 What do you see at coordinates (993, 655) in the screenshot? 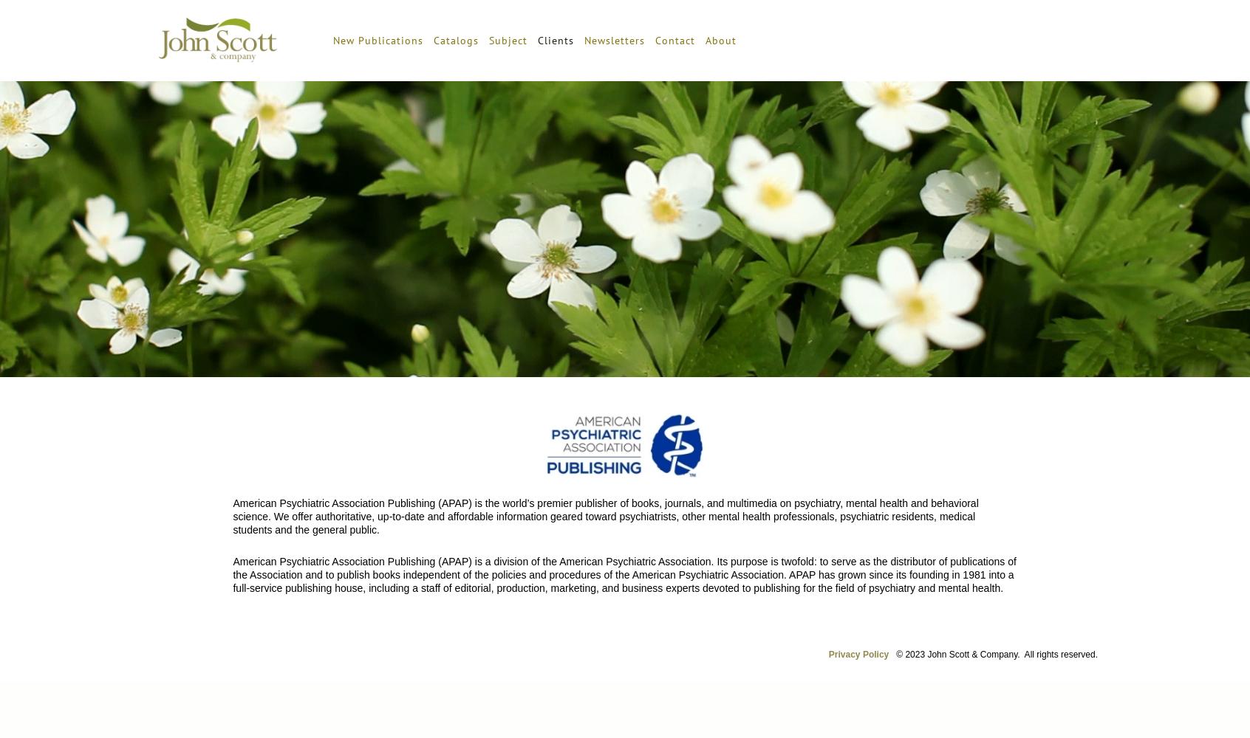
I see `'© 2023 John Scott & Company.  All rights reserved.'` at bounding box center [993, 655].